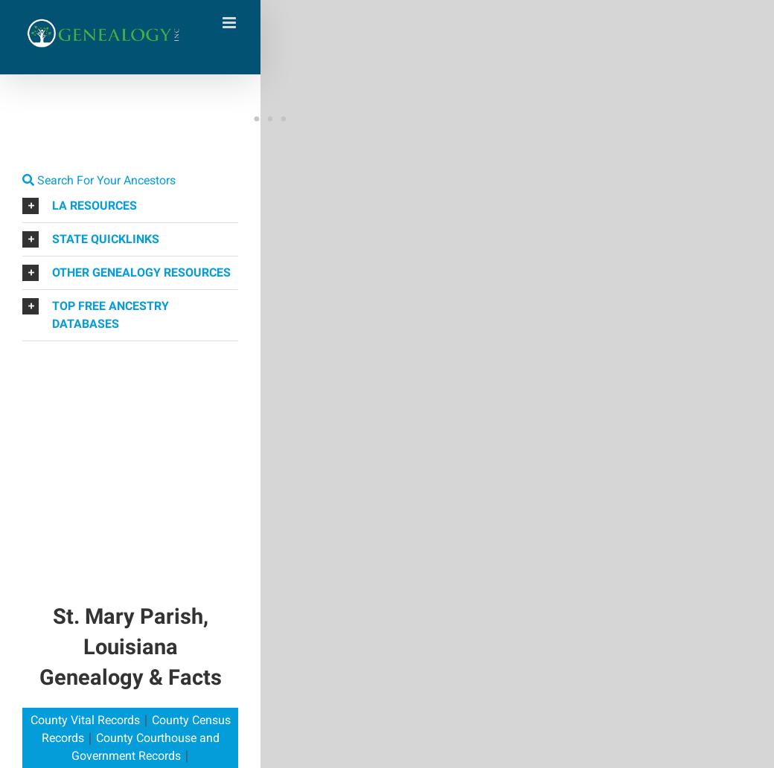  What do you see at coordinates (83, 719) in the screenshot?
I see `'County Vital Records'` at bounding box center [83, 719].